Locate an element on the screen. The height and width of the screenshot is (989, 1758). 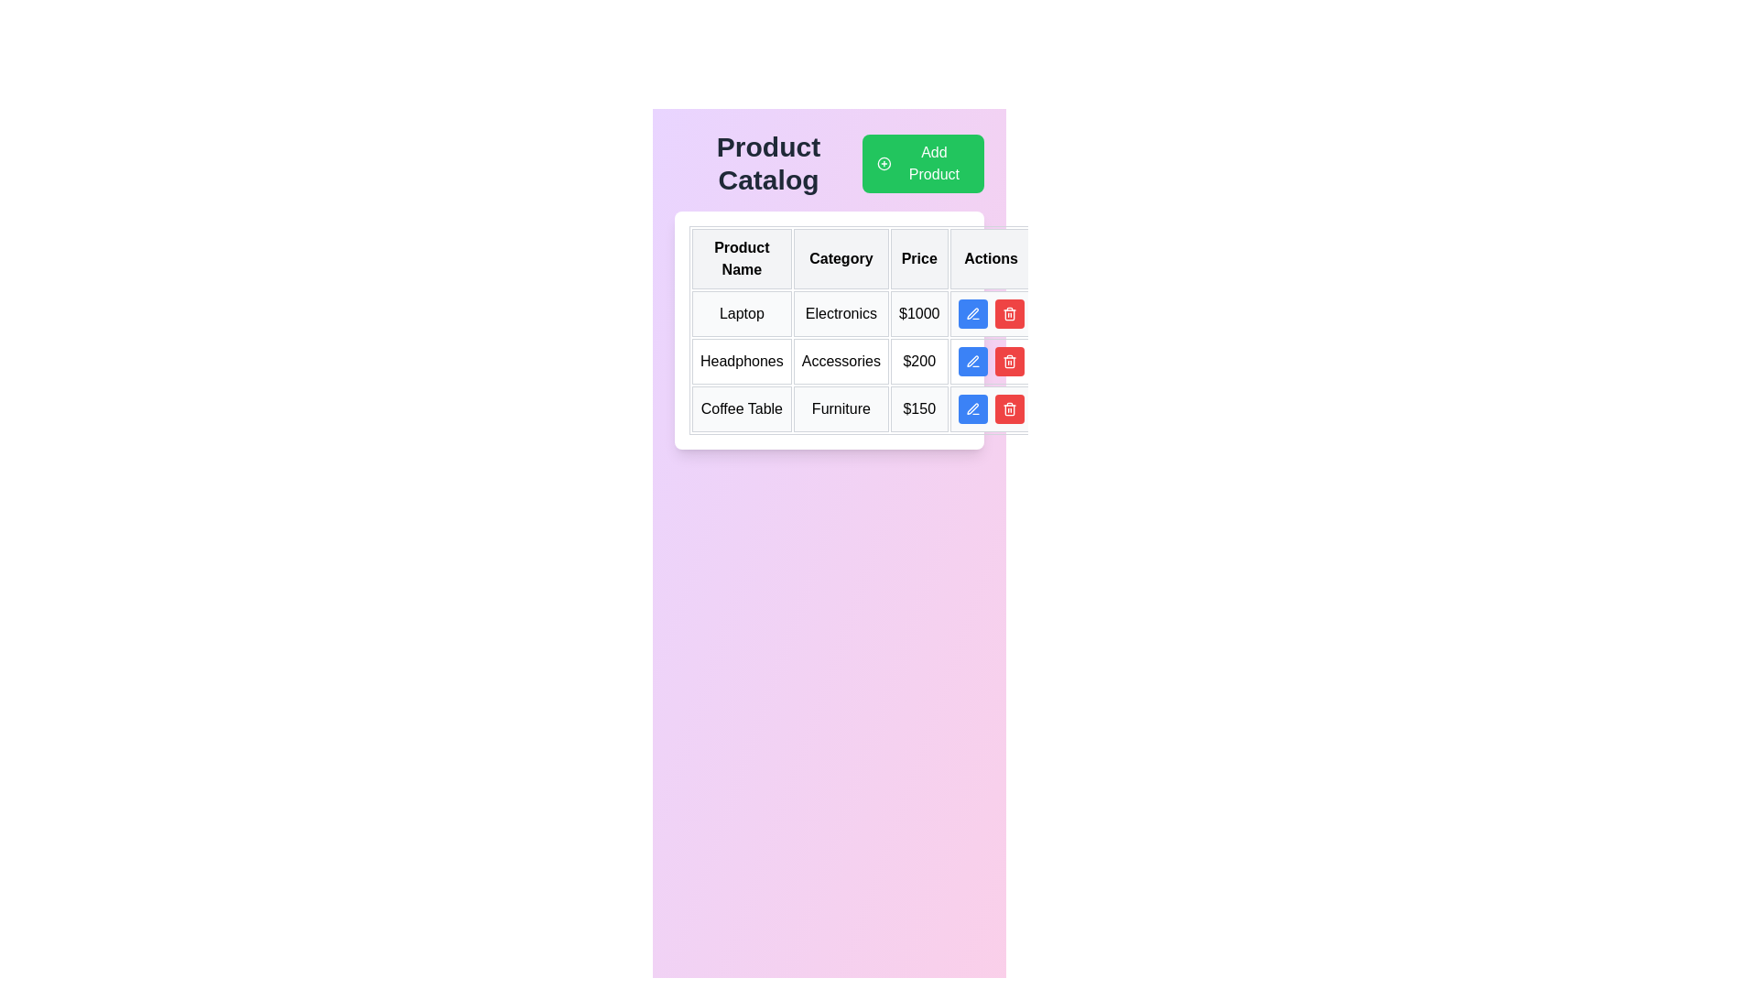
the last column header Text Label in the data table, which is positioned to the right of the 'Price' column is located at coordinates (990, 258).